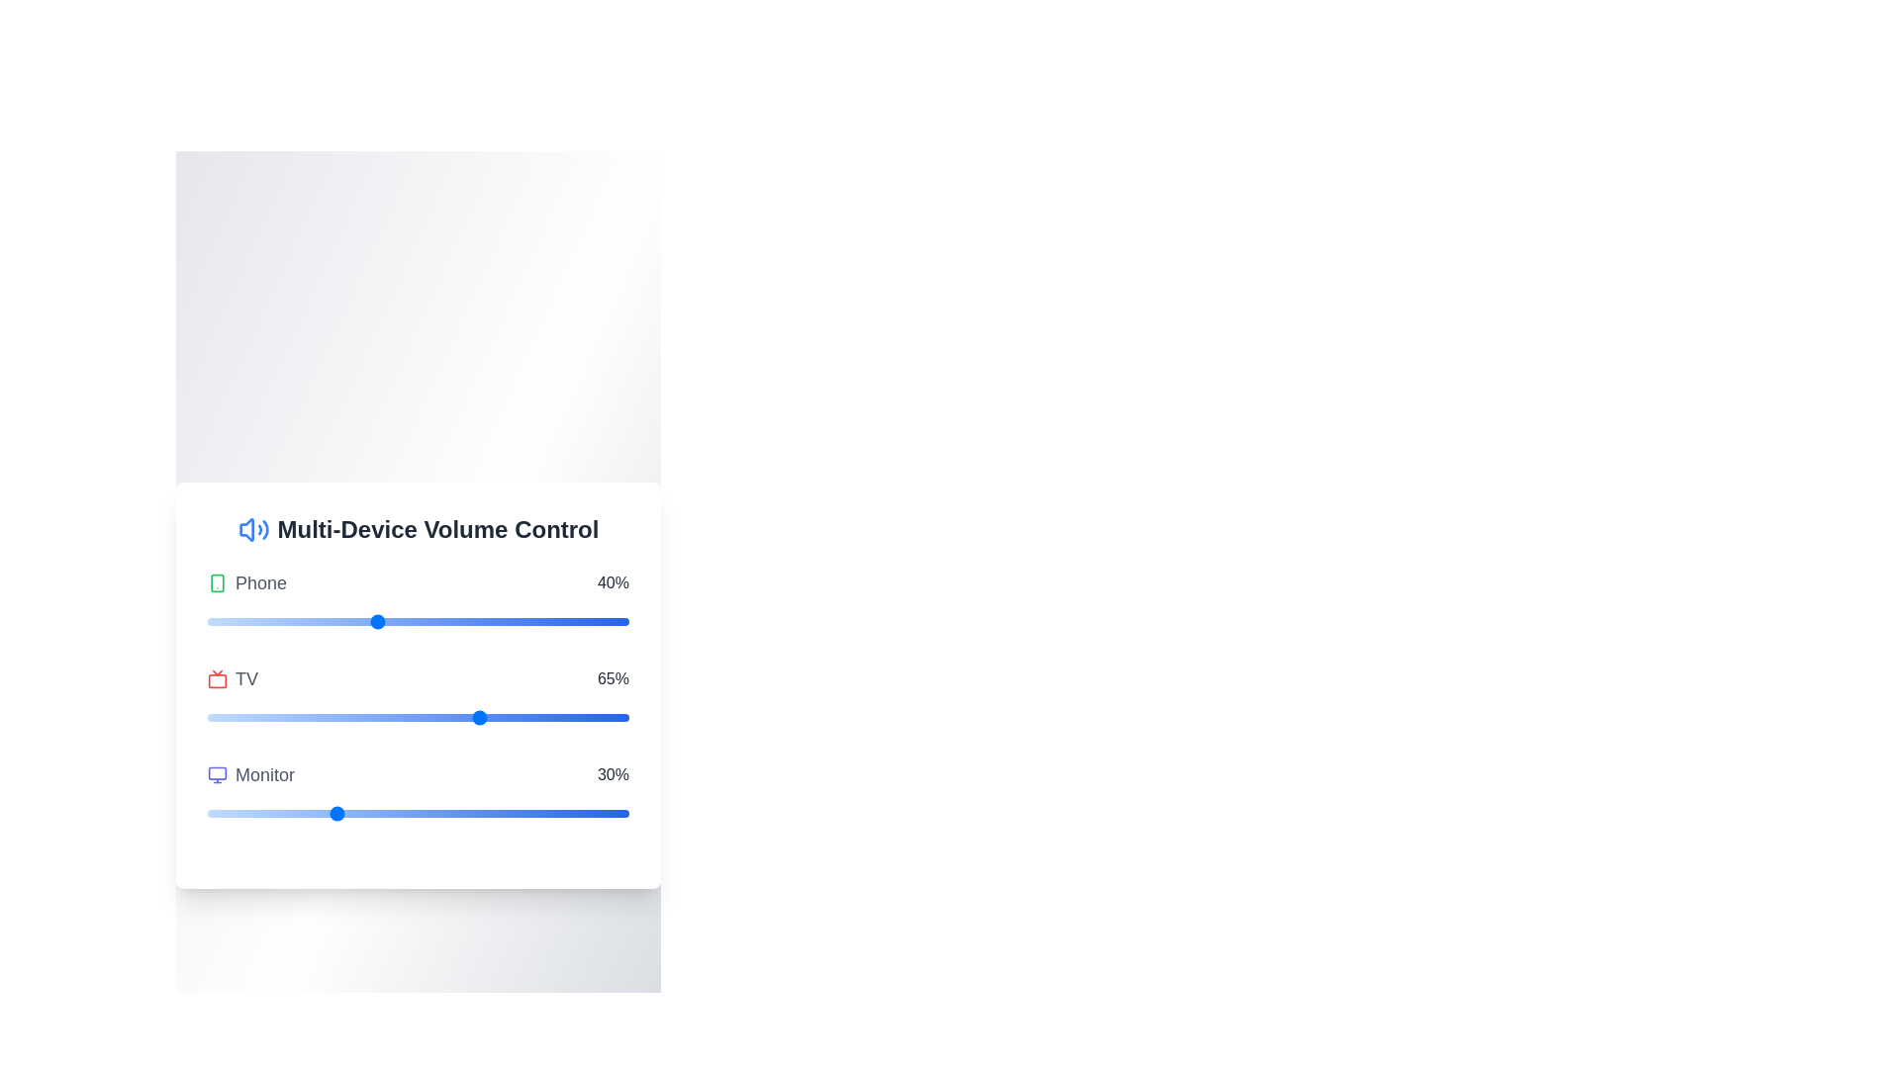  Describe the element at coordinates (417, 717) in the screenshot. I see `the horizontal slider with a blue gradient bar and a circular control, positioned between the label 'TV' and the text '65%', to receive interactive feedback` at that location.